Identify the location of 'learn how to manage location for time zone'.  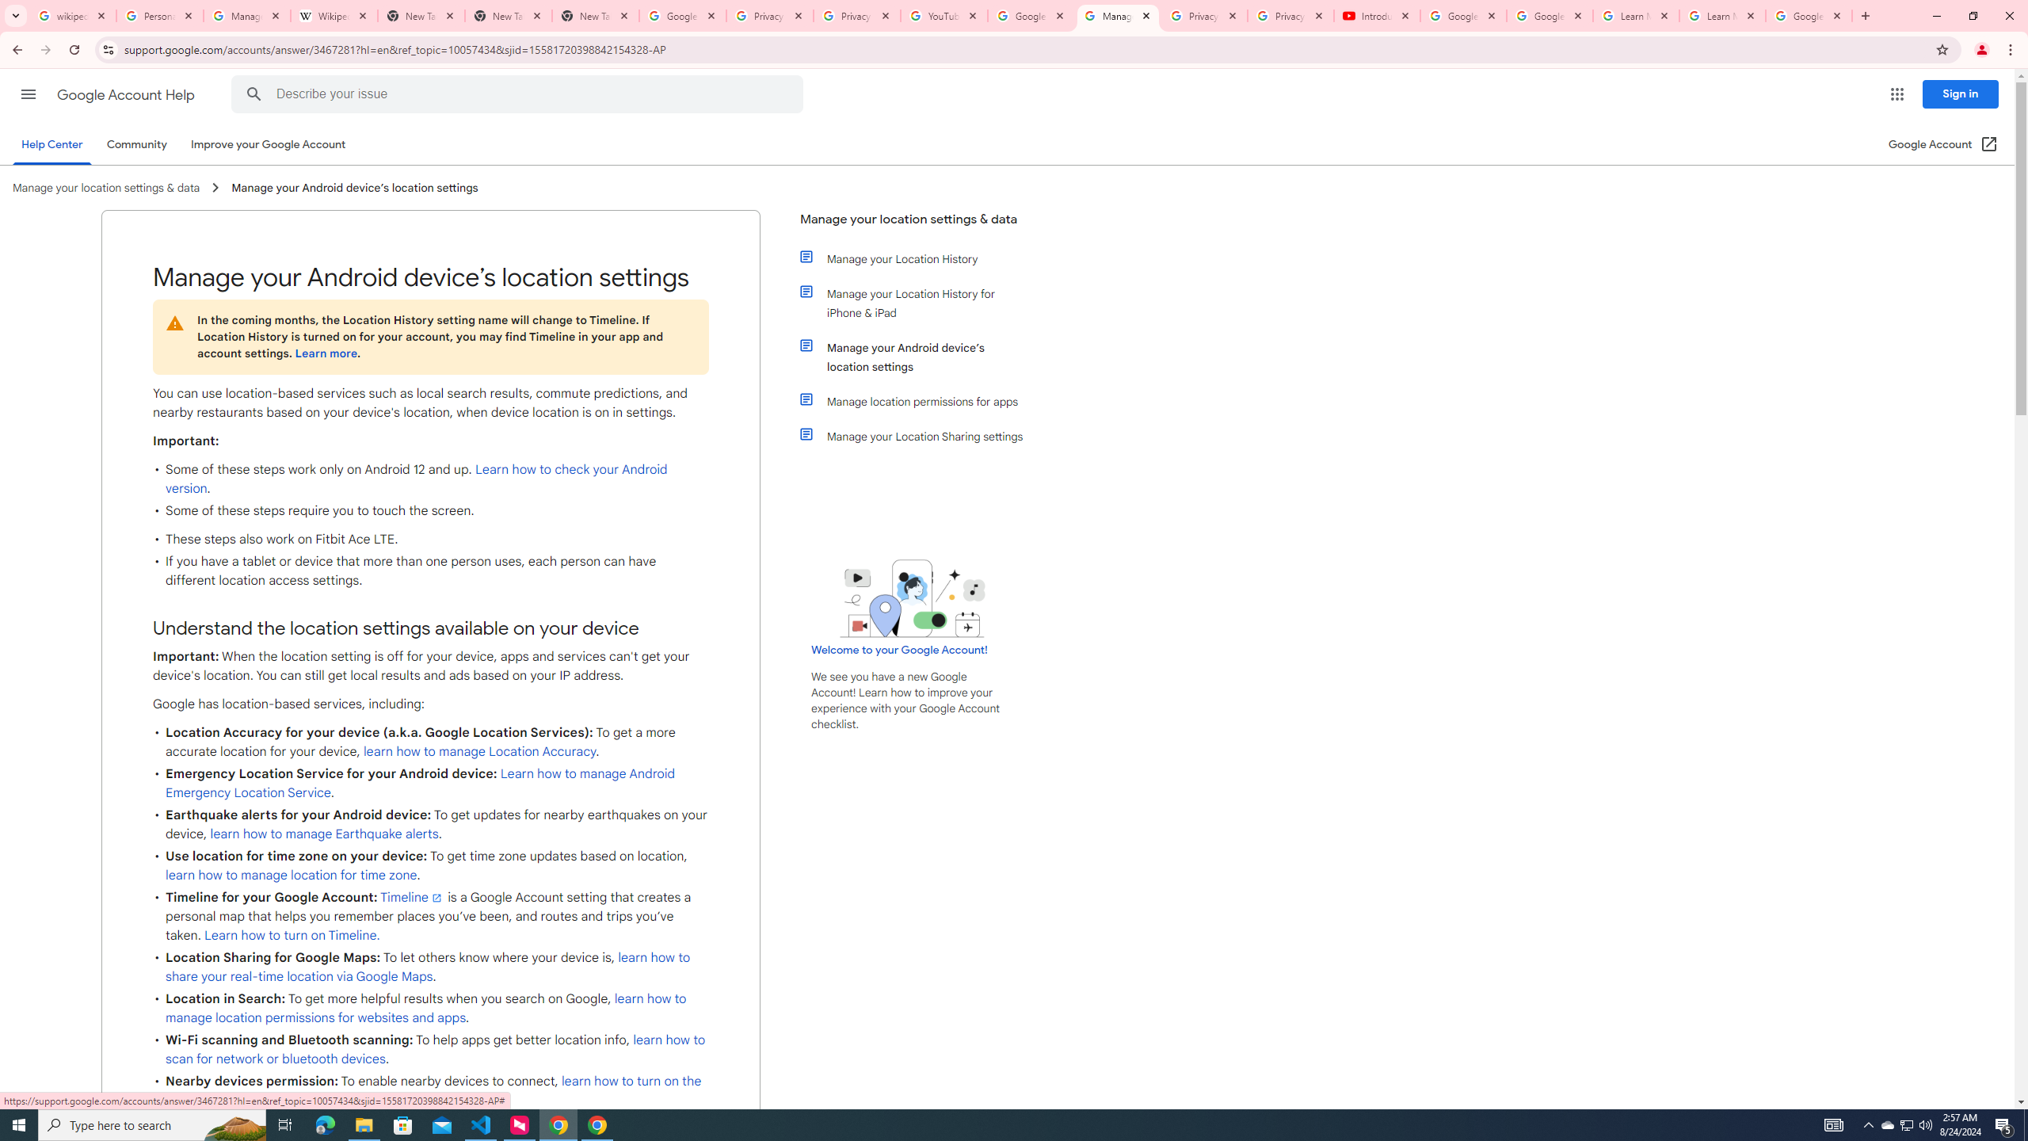
(291, 874).